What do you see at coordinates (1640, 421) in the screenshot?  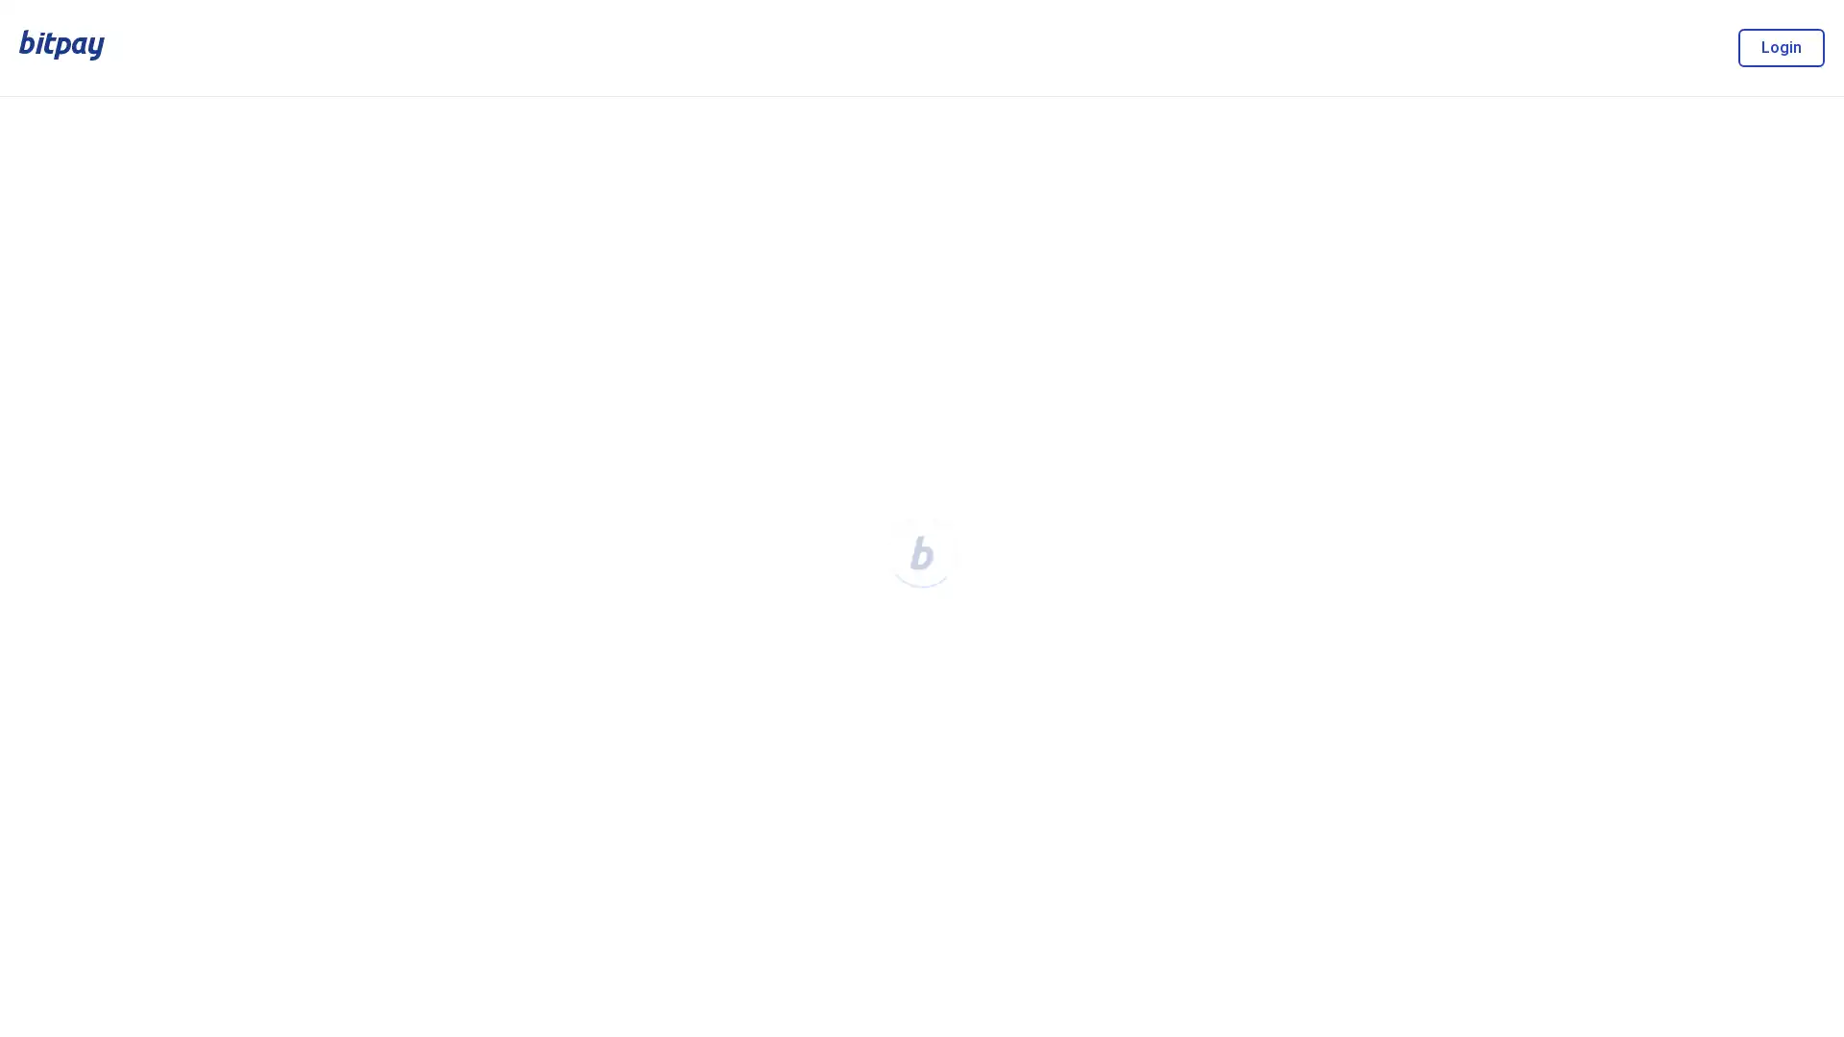 I see `Pay with BitPay` at bounding box center [1640, 421].